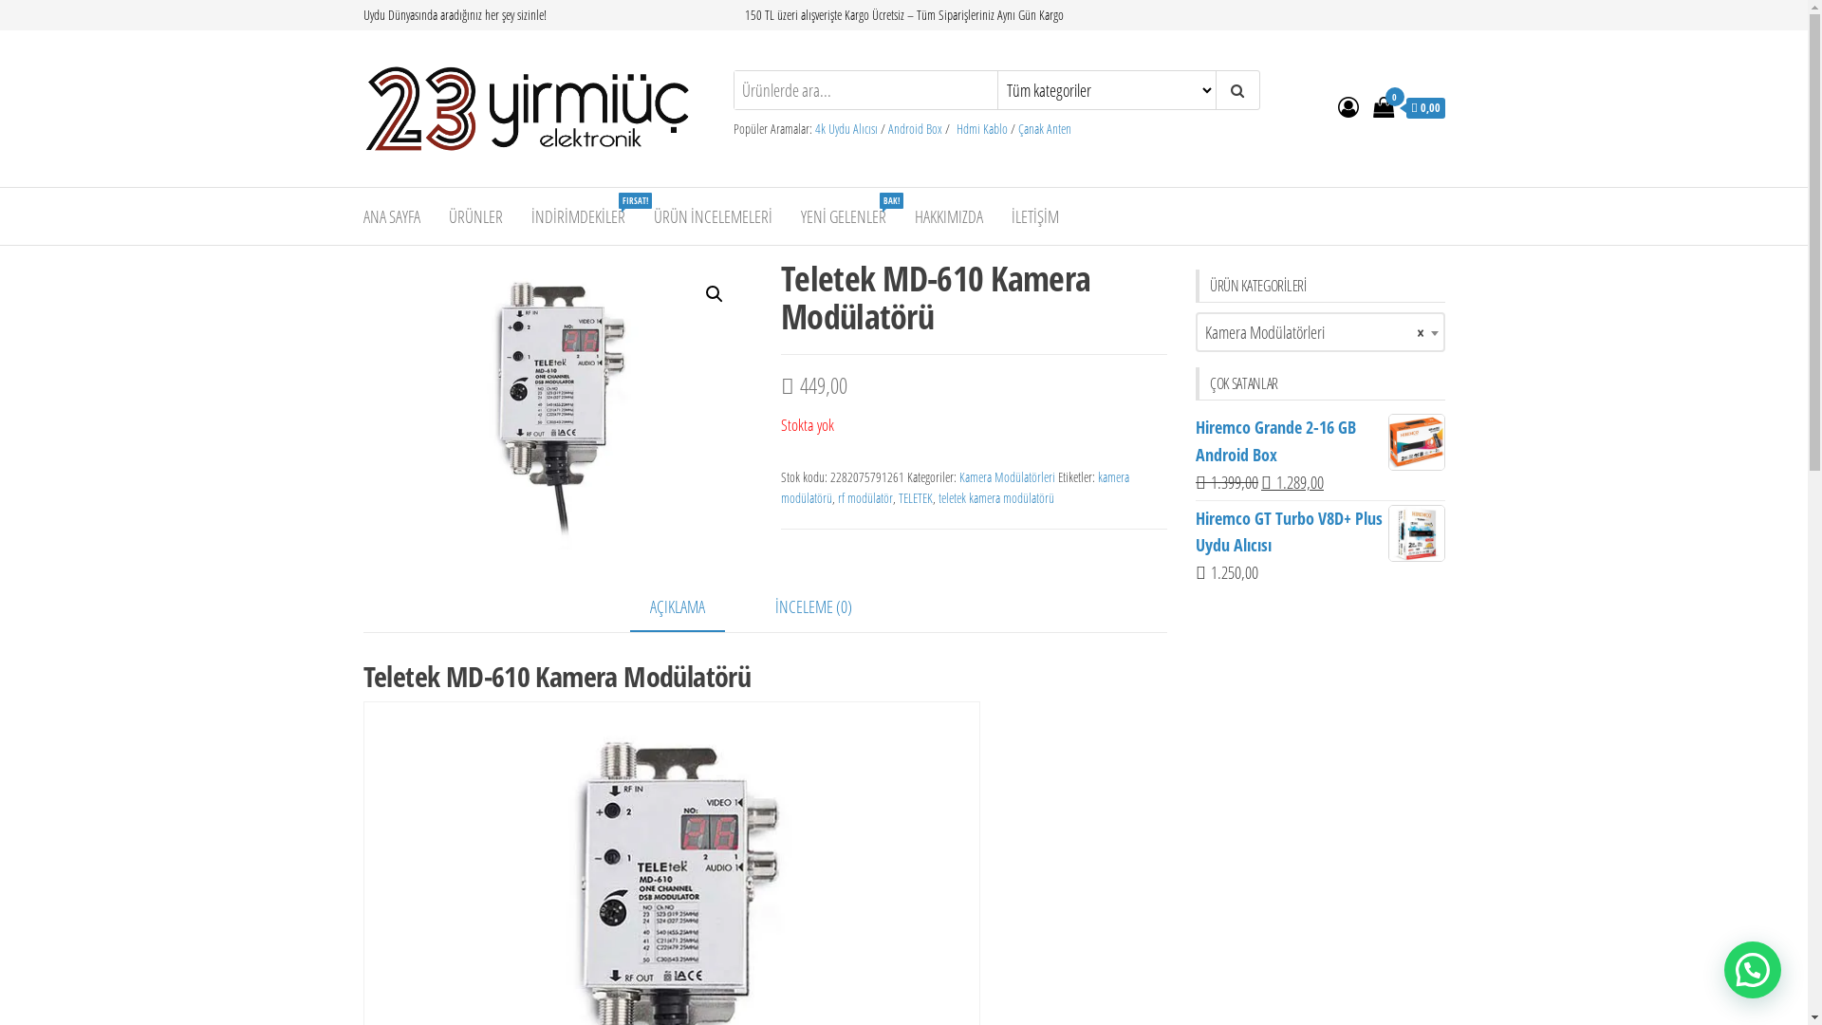  I want to click on 'Hiremco Grande 2-16 GB Android Box', so click(1319, 441).